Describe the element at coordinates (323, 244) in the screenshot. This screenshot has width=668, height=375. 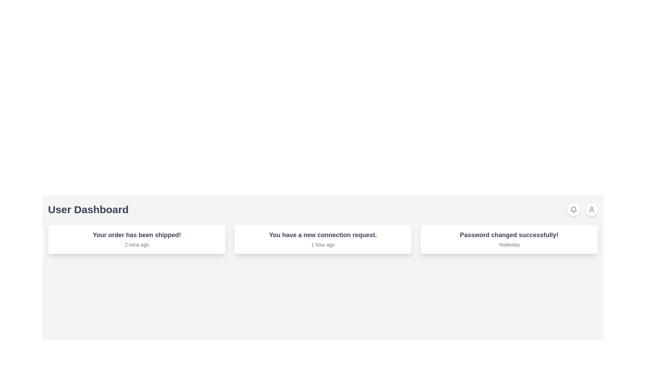
I see `the Text component displaying the timestamp of the notification located at the bottom section of the notification card that reads 'You have a new connection request.'` at that location.